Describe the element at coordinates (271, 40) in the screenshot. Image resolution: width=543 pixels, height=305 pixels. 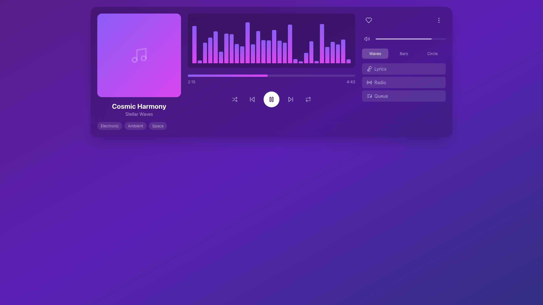
I see `the waveform data by interacting with the central waveform visualizer display located in the audio interface` at that location.